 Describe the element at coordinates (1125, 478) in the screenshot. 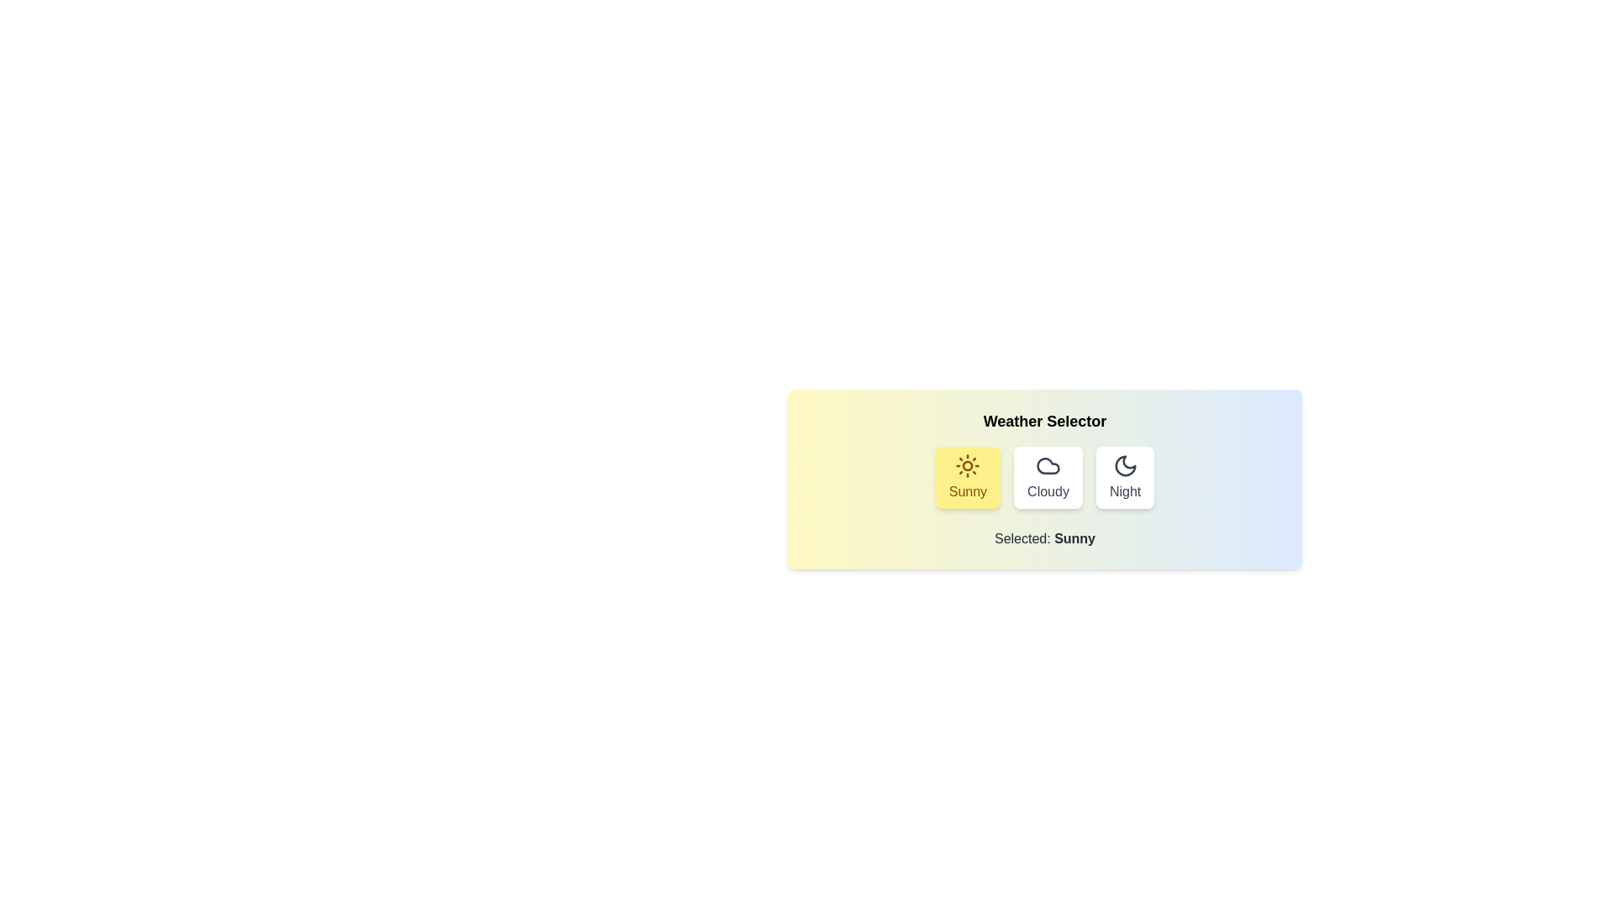

I see `the weather option Night by clicking on its corresponding button` at that location.